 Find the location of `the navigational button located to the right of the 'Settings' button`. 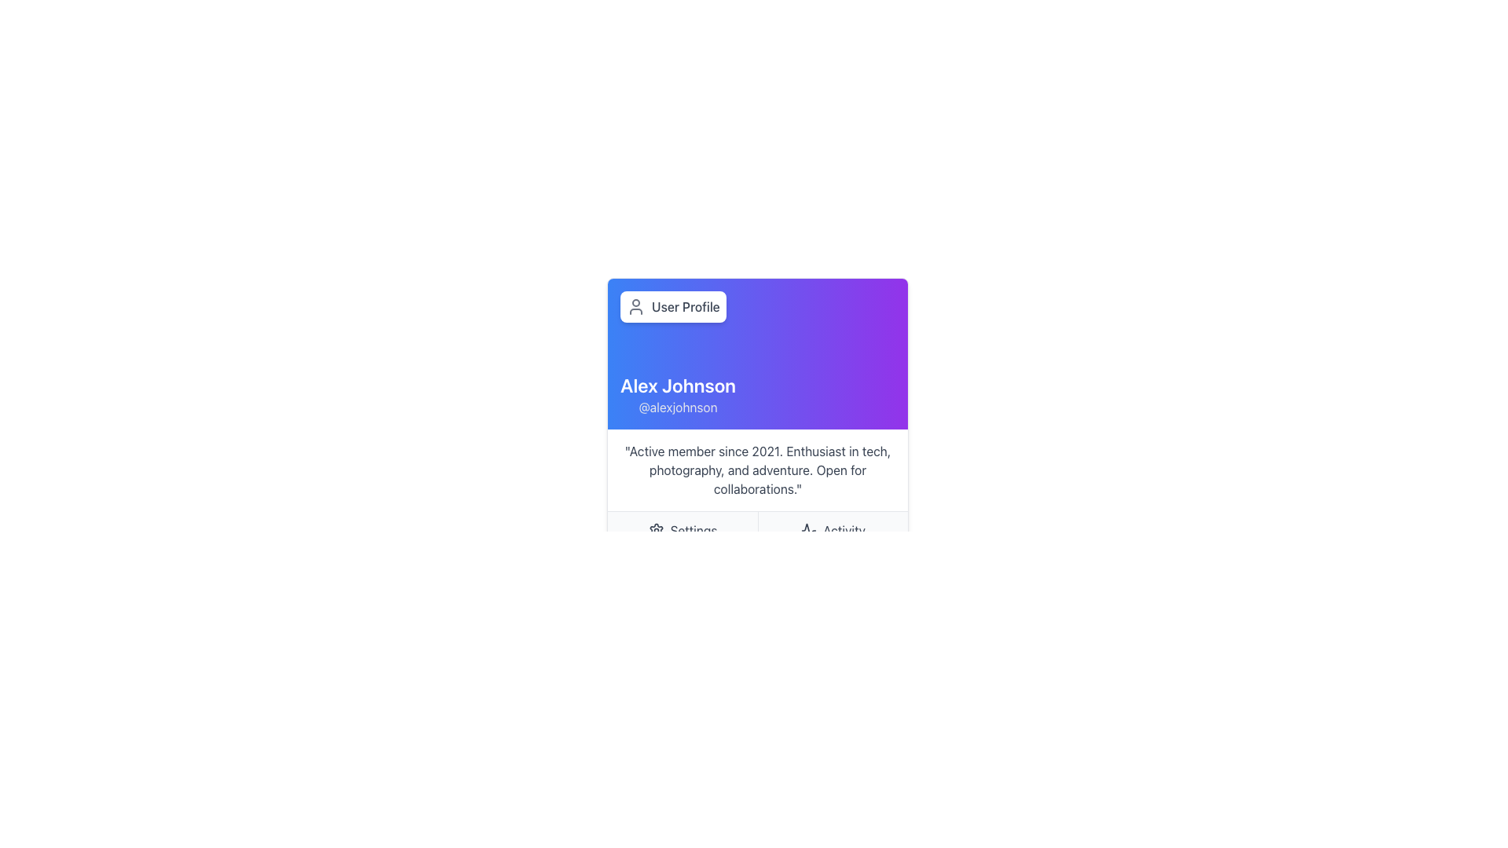

the navigational button located to the right of the 'Settings' button is located at coordinates (832, 530).